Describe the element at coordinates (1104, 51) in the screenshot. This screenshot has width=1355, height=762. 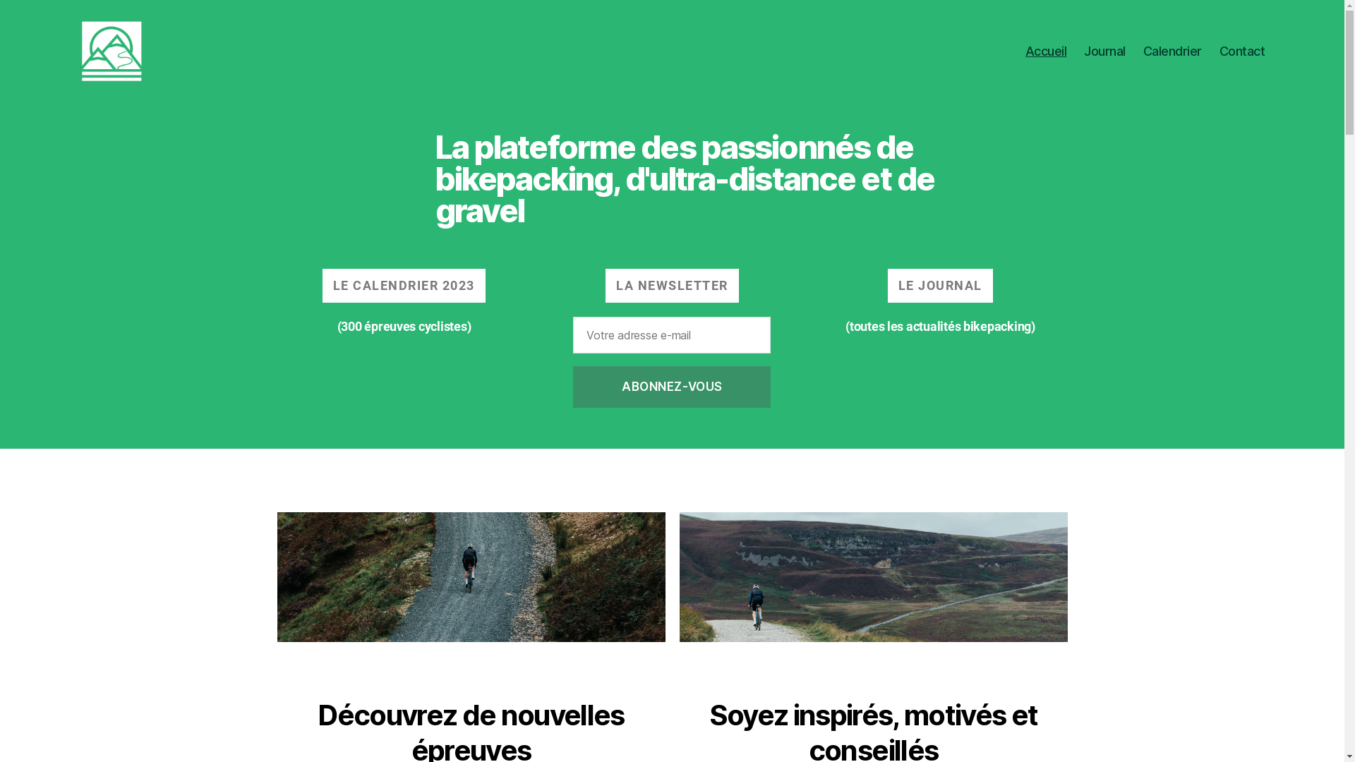
I see `'Journal'` at that location.